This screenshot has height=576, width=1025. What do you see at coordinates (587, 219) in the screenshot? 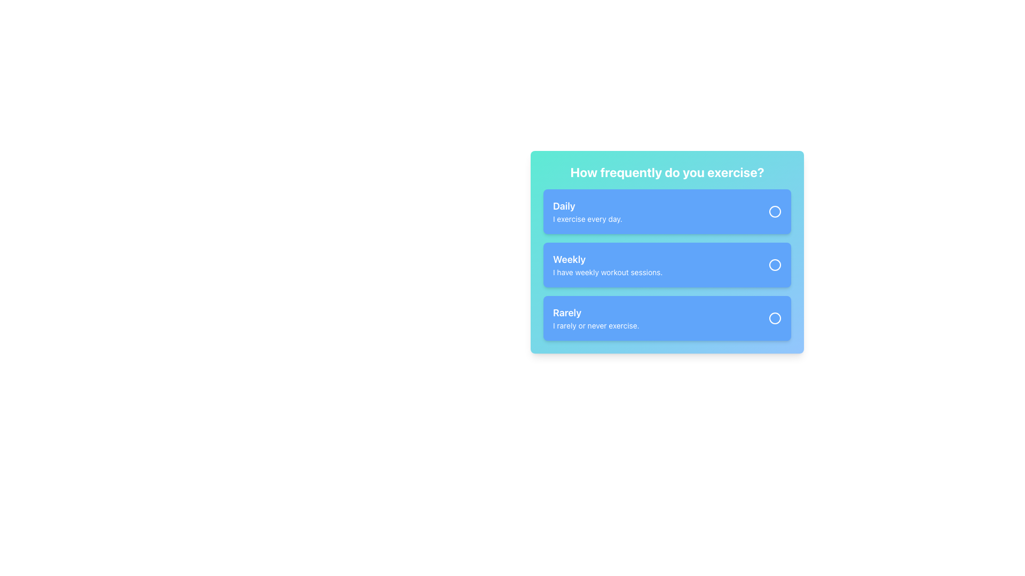
I see `the text label that serves as a sub-text description for the 'Daily' option in a multiple-choice question about exercise frequency, located below the 'Daily' heading in the blue rectangular section at the top of the list layout` at bounding box center [587, 219].